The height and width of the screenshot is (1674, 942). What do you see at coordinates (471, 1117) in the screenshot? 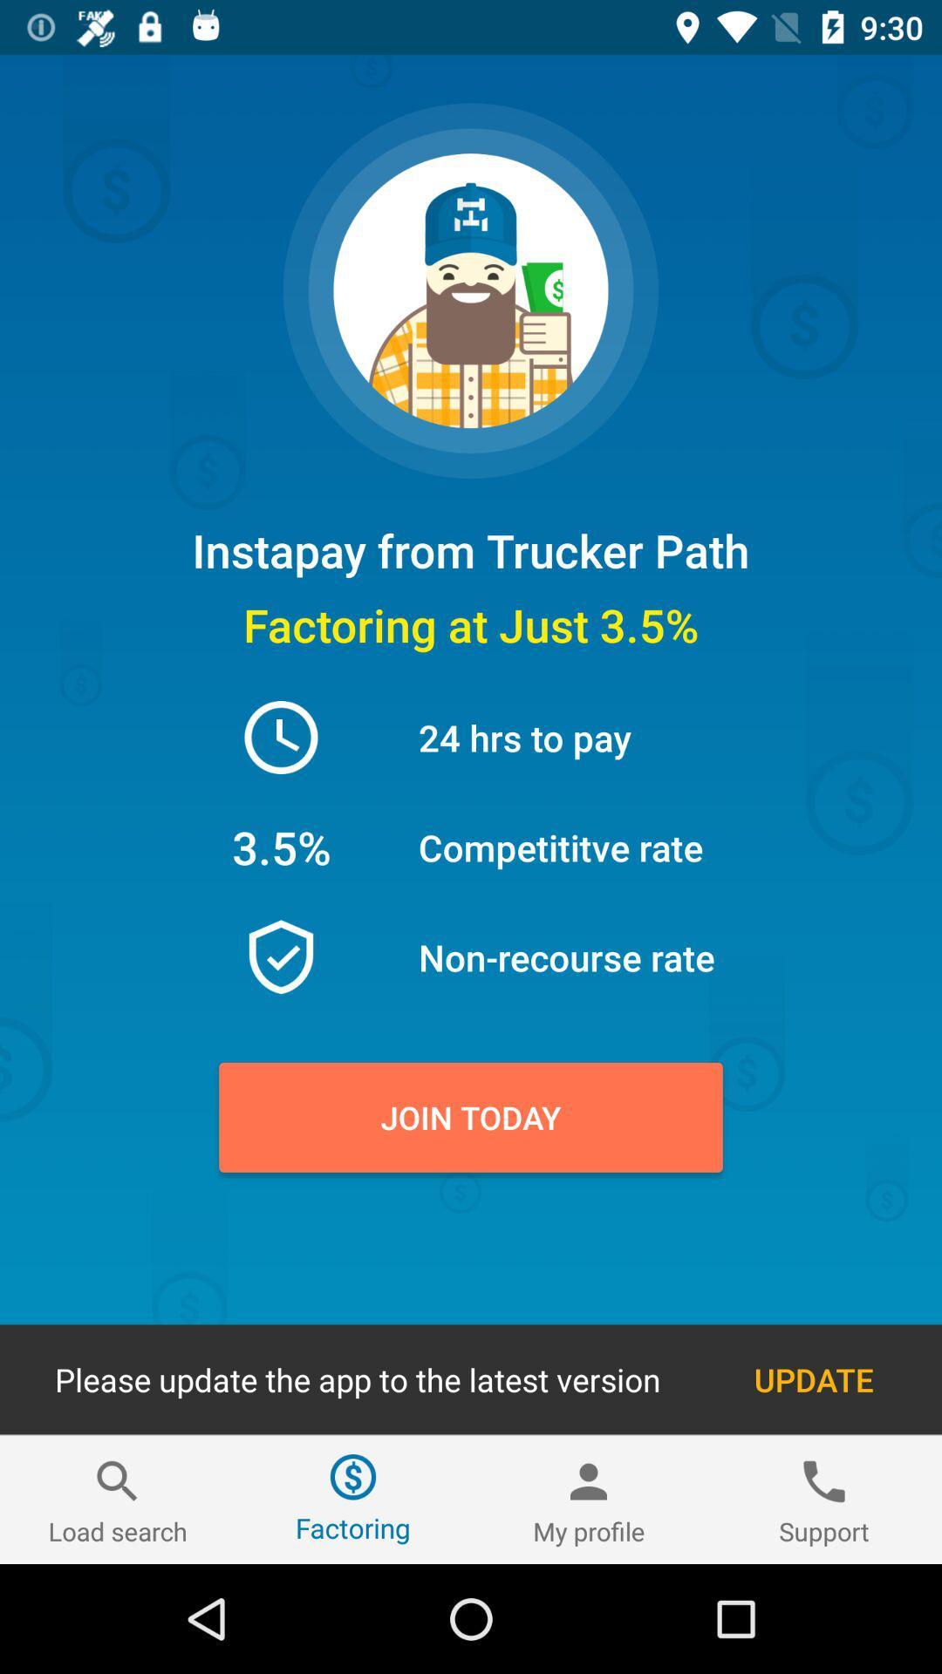
I see `join today icon` at bounding box center [471, 1117].